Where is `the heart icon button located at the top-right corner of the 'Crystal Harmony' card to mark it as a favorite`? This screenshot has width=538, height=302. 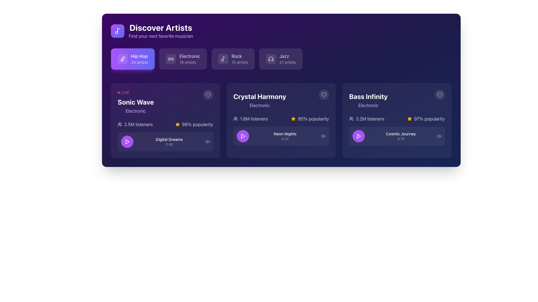
the heart icon button located at the top-right corner of the 'Crystal Harmony' card to mark it as a favorite is located at coordinates (324, 95).